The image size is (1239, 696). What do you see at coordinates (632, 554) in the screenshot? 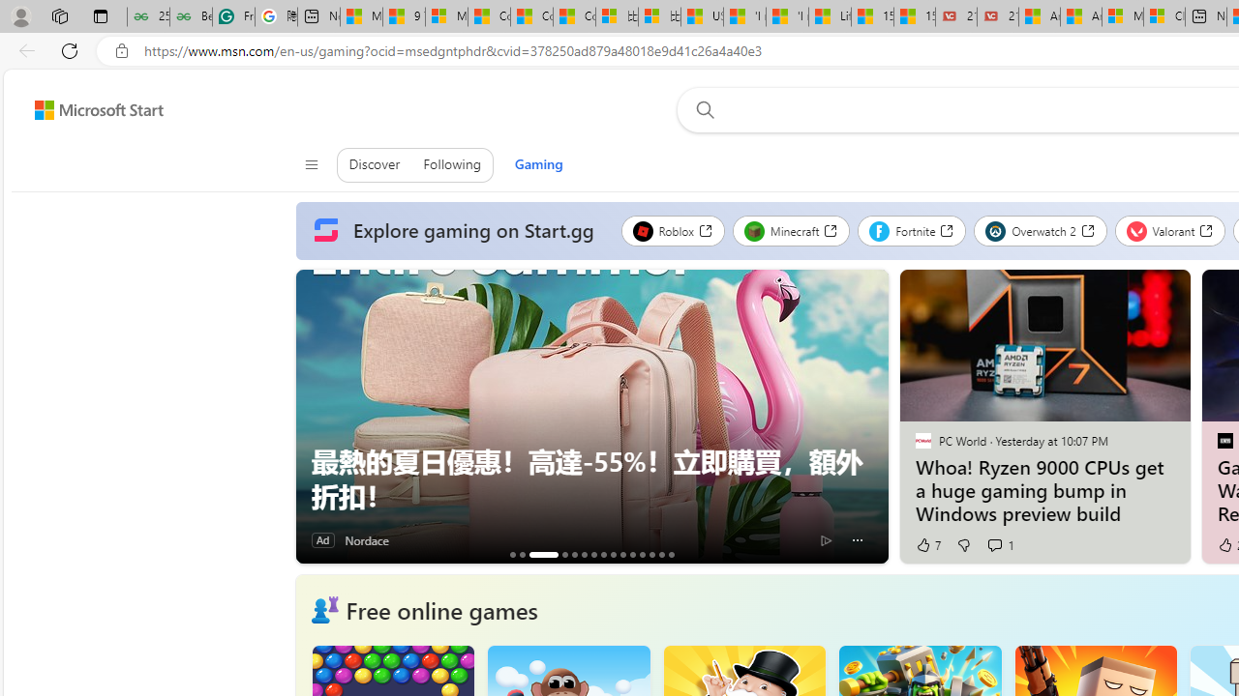
I see `'AutomationID: tab_nativead-infopane-11'` at bounding box center [632, 554].